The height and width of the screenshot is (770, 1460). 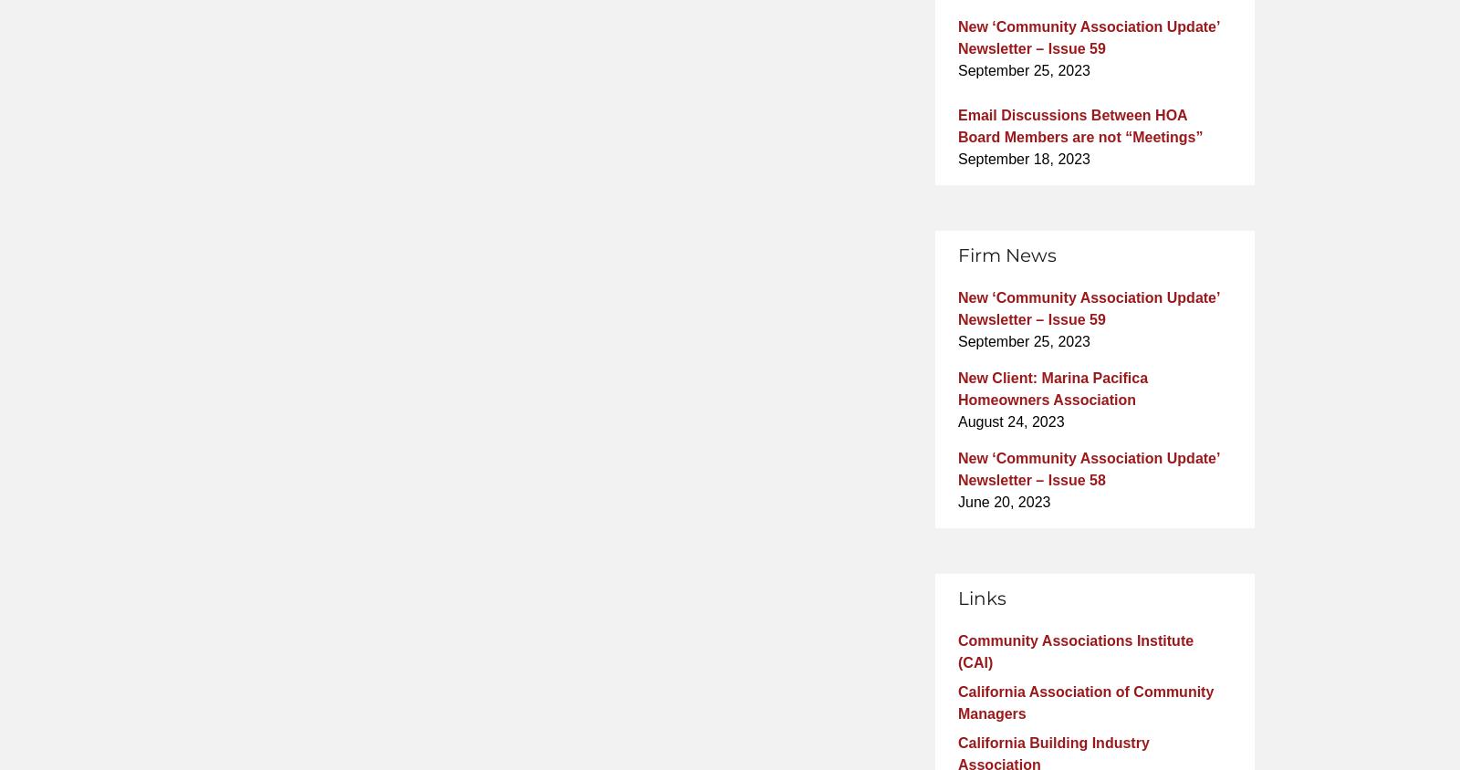 What do you see at coordinates (957, 158) in the screenshot?
I see `'September 18, 2023'` at bounding box center [957, 158].